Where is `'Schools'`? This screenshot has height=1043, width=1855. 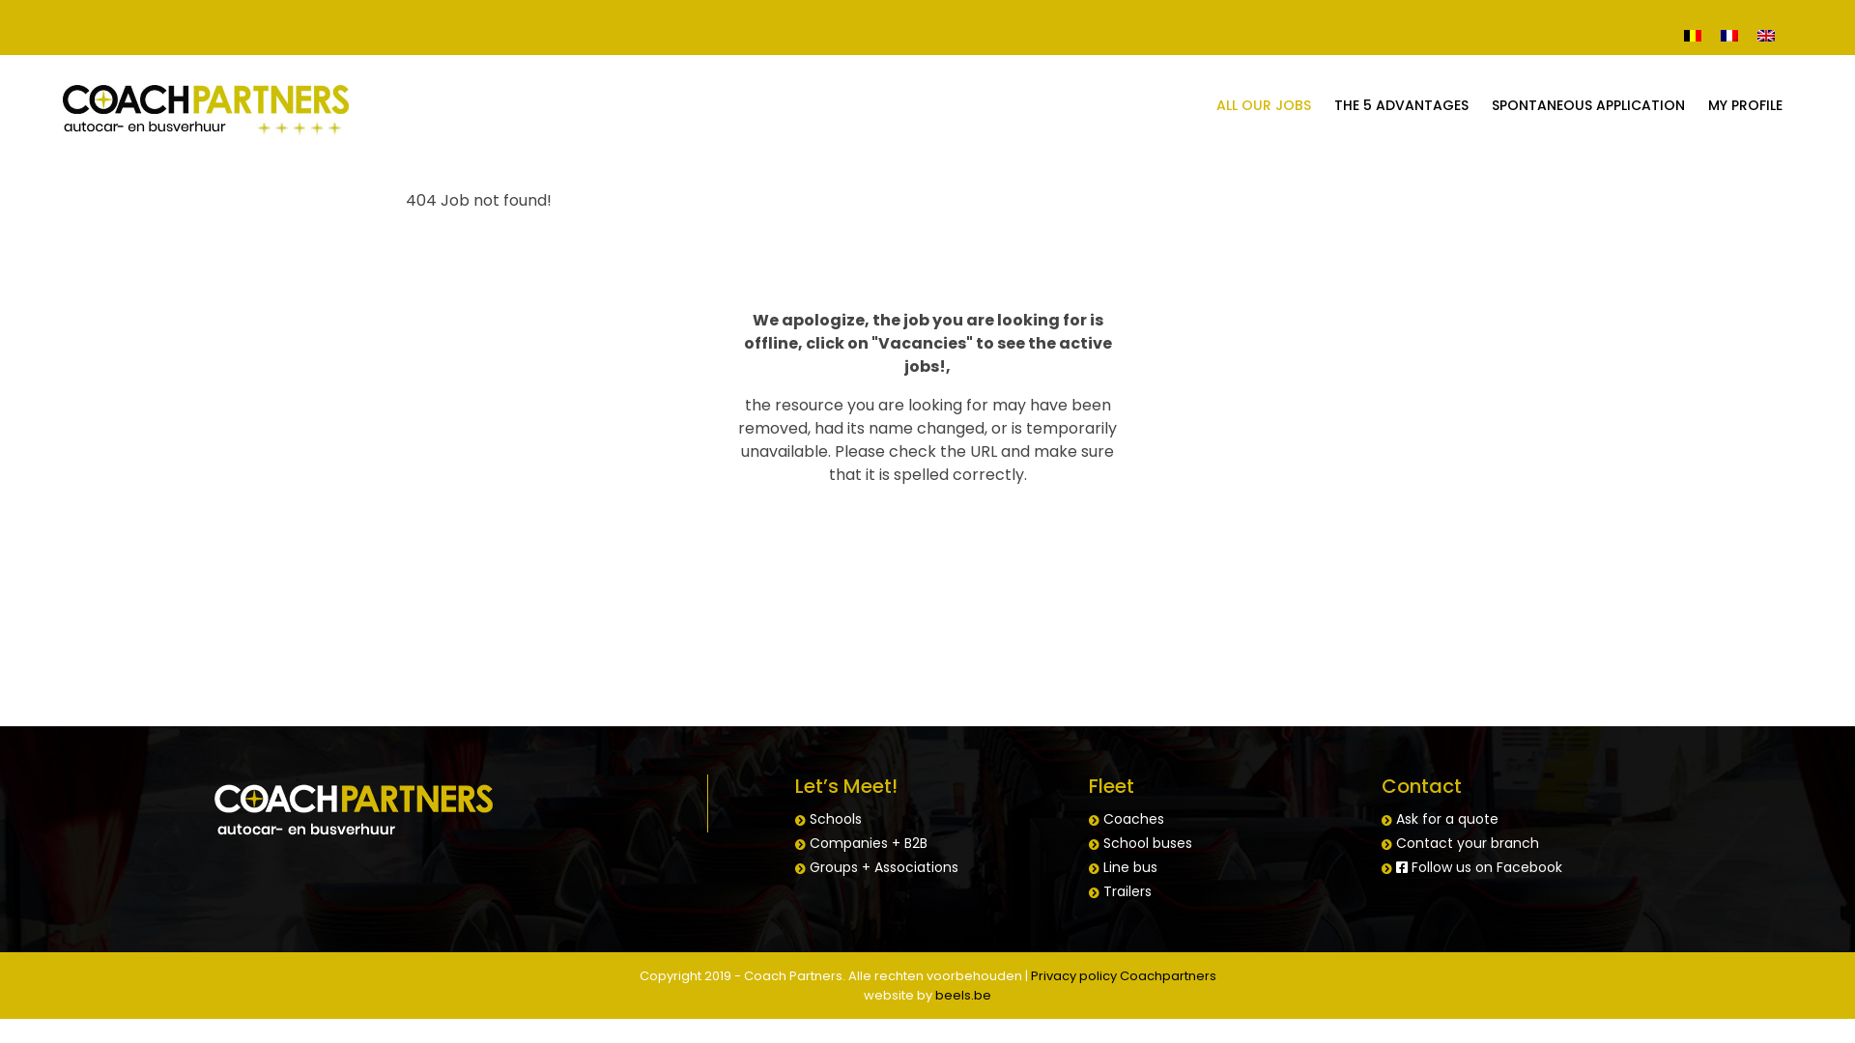
'Schools' is located at coordinates (835, 819).